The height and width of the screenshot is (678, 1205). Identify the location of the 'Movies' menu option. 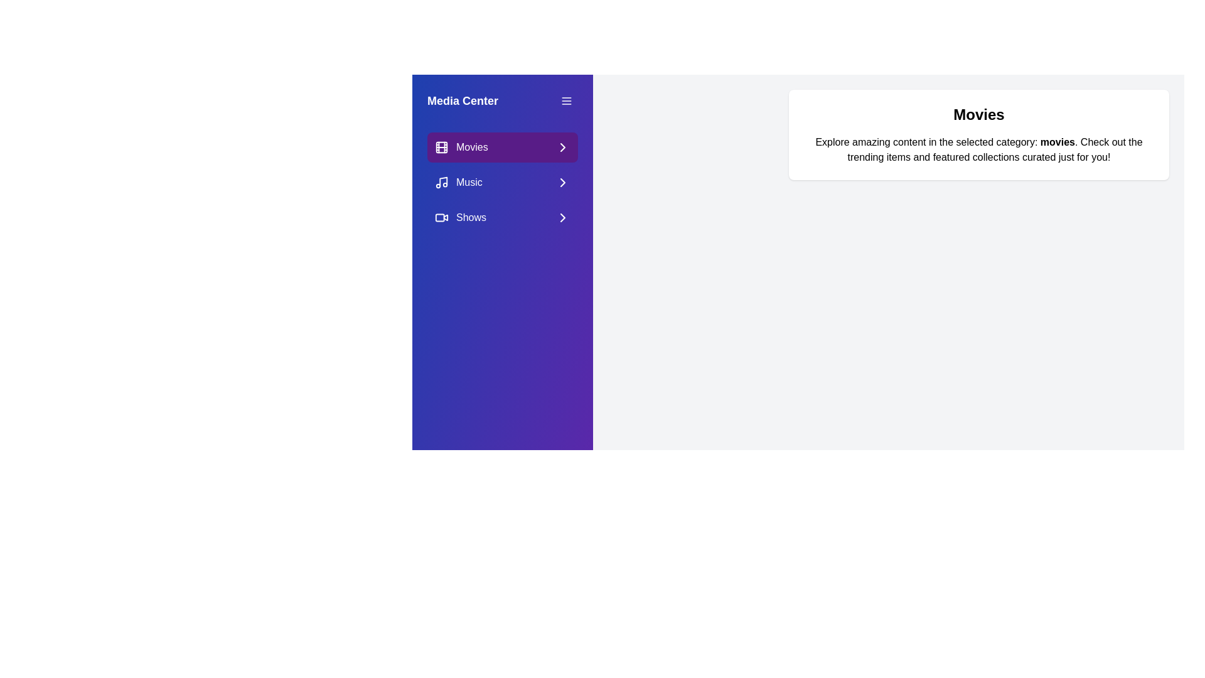
(503, 147).